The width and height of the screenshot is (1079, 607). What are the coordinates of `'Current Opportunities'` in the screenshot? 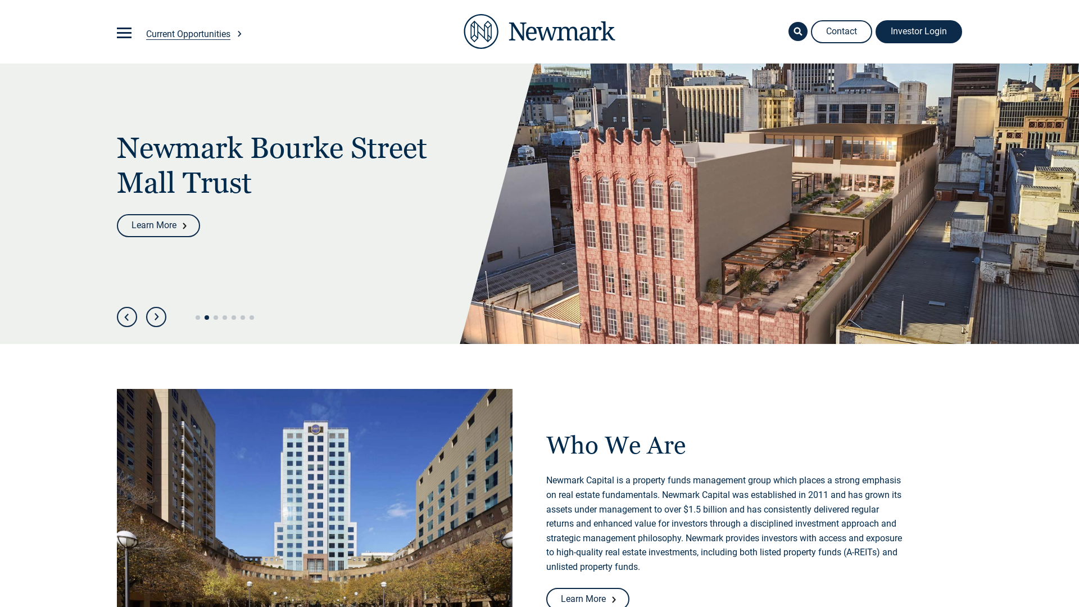 It's located at (194, 34).